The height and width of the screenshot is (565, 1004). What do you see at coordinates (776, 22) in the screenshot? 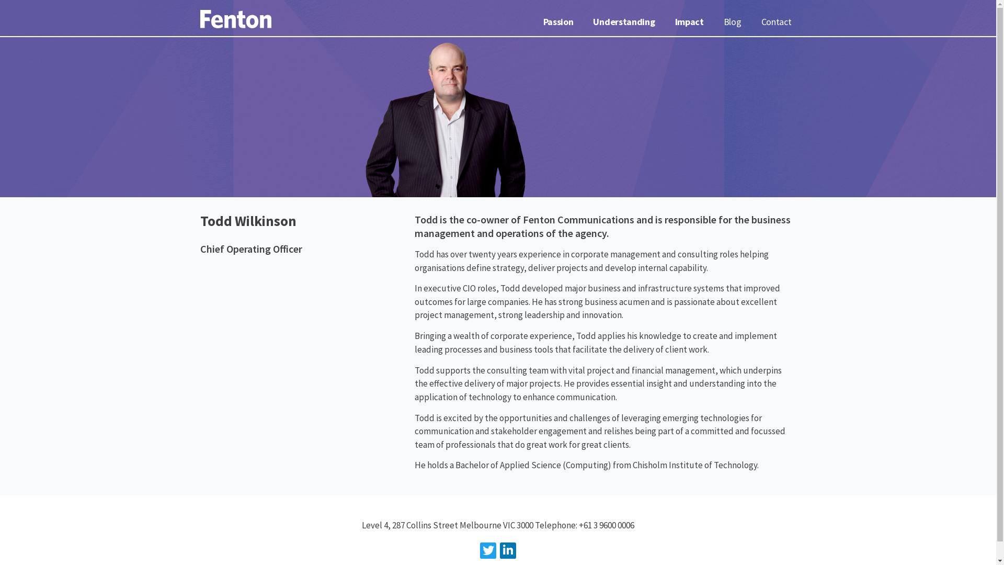
I see `'Contact'` at bounding box center [776, 22].